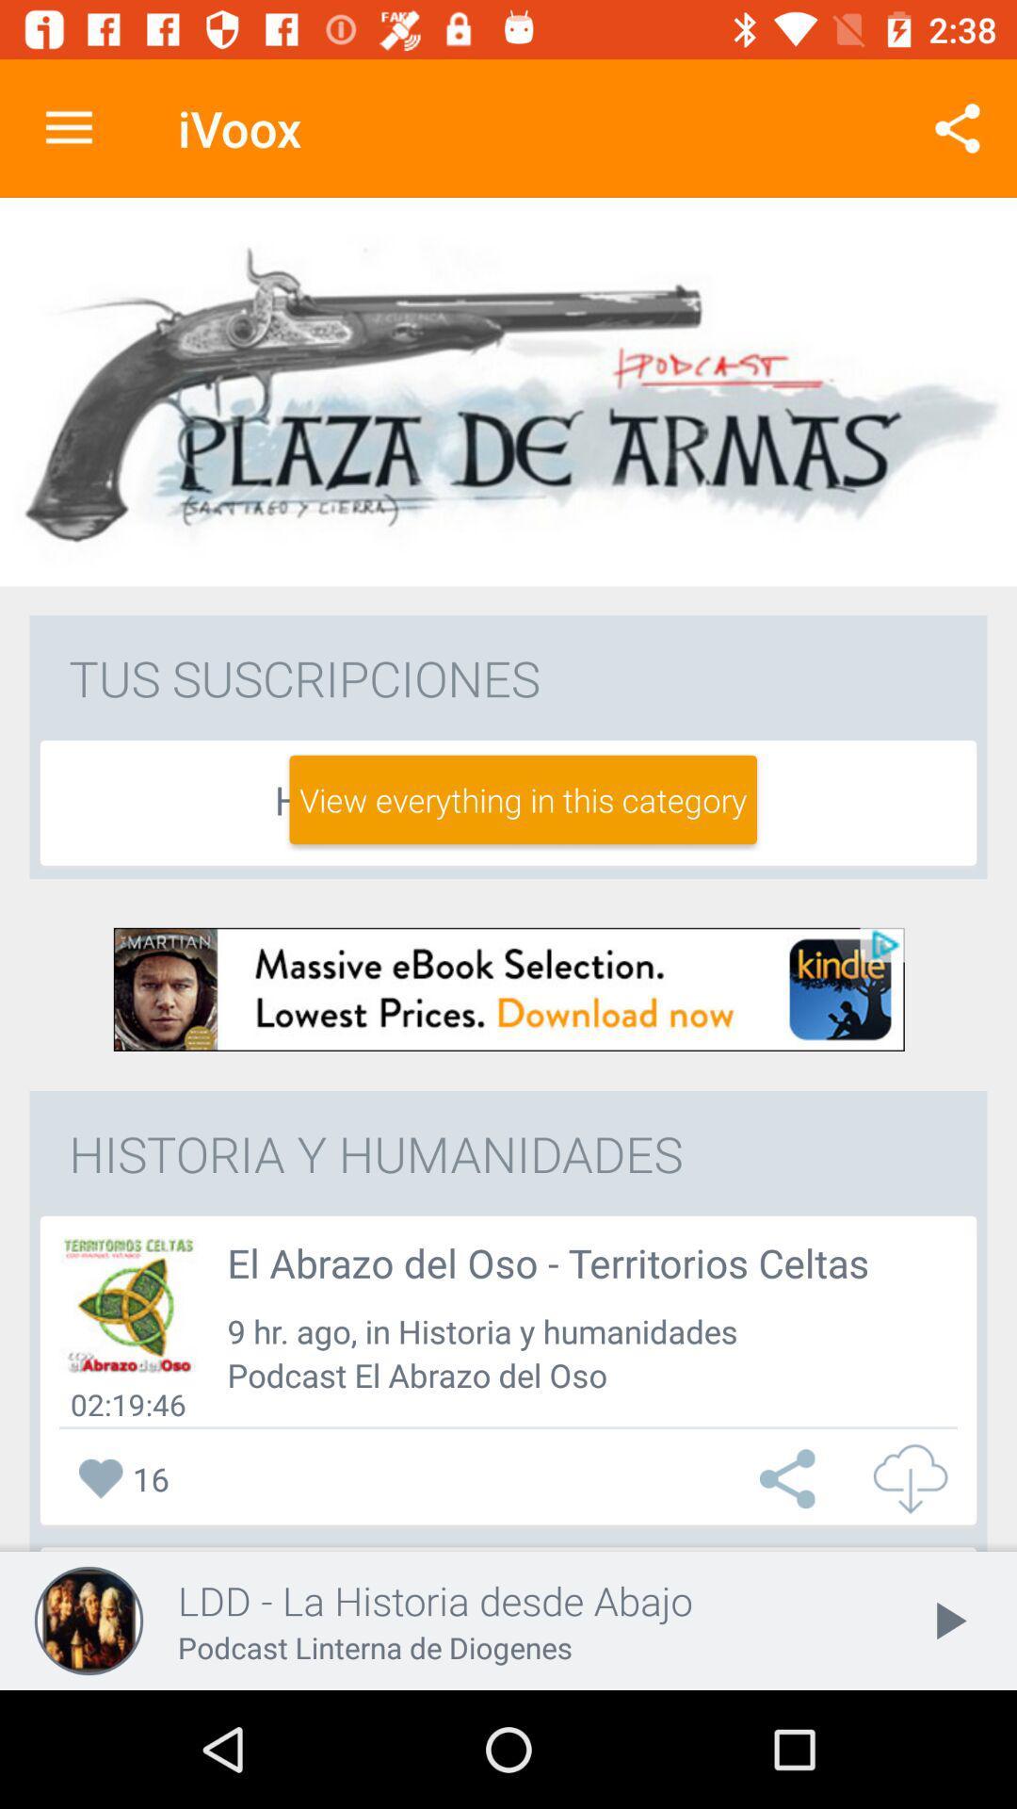 The height and width of the screenshot is (1809, 1017). I want to click on hear podcast, so click(127, 1304).